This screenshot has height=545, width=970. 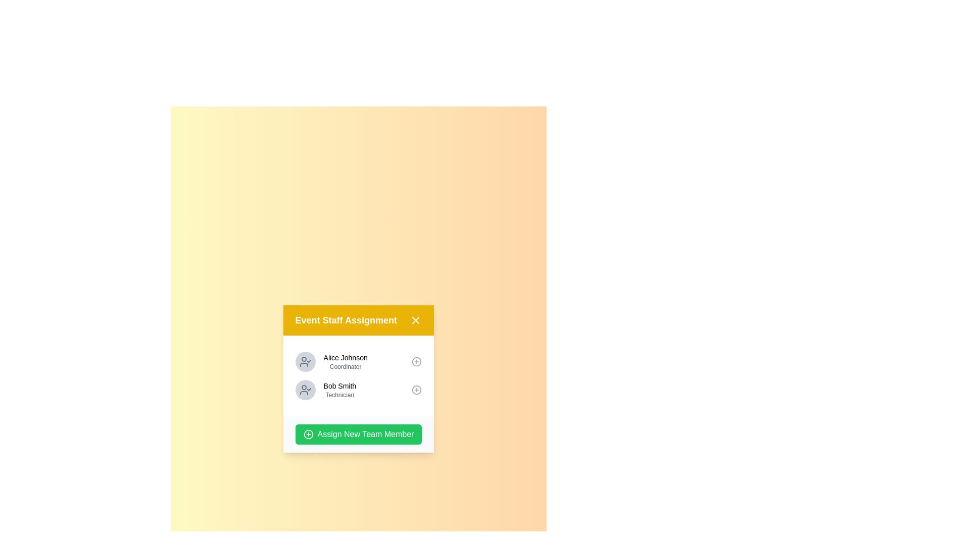 What do you see at coordinates (359, 320) in the screenshot?
I see `the dialog title and description area to read the information` at bounding box center [359, 320].